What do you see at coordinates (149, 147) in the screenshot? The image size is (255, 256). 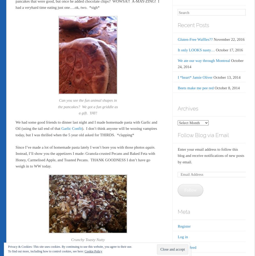 I see `'again'` at bounding box center [149, 147].